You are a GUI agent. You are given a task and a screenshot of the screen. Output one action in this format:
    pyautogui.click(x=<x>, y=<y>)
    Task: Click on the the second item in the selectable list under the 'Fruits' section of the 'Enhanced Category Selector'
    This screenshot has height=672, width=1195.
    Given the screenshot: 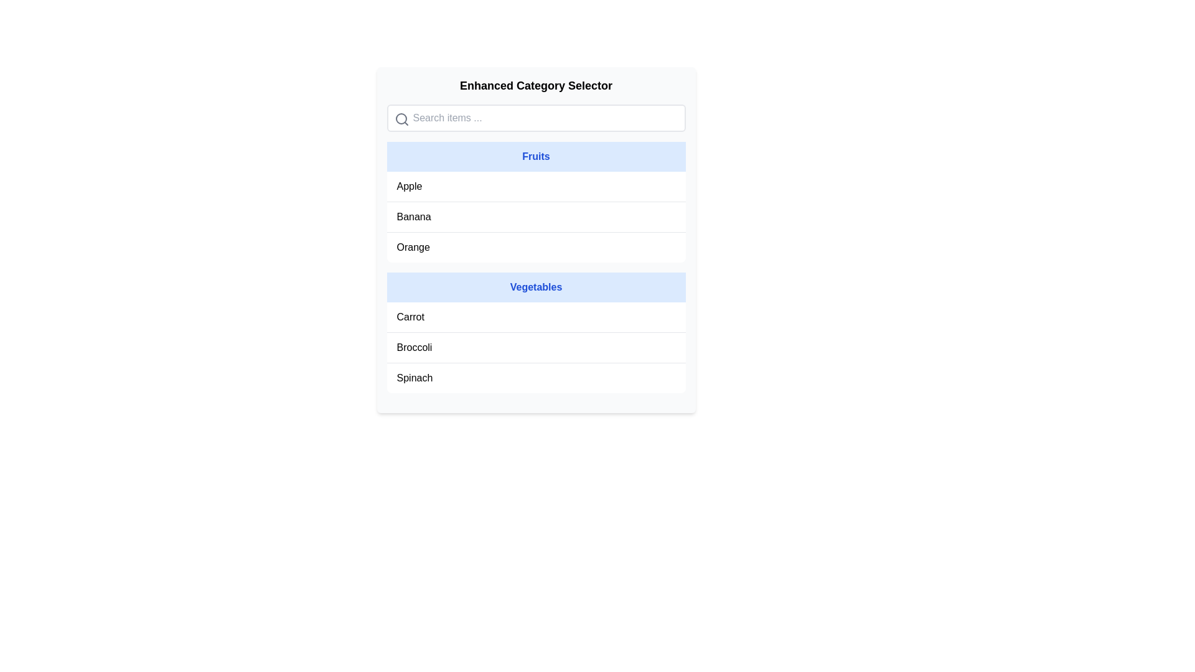 What is the action you would take?
    pyautogui.click(x=536, y=216)
    